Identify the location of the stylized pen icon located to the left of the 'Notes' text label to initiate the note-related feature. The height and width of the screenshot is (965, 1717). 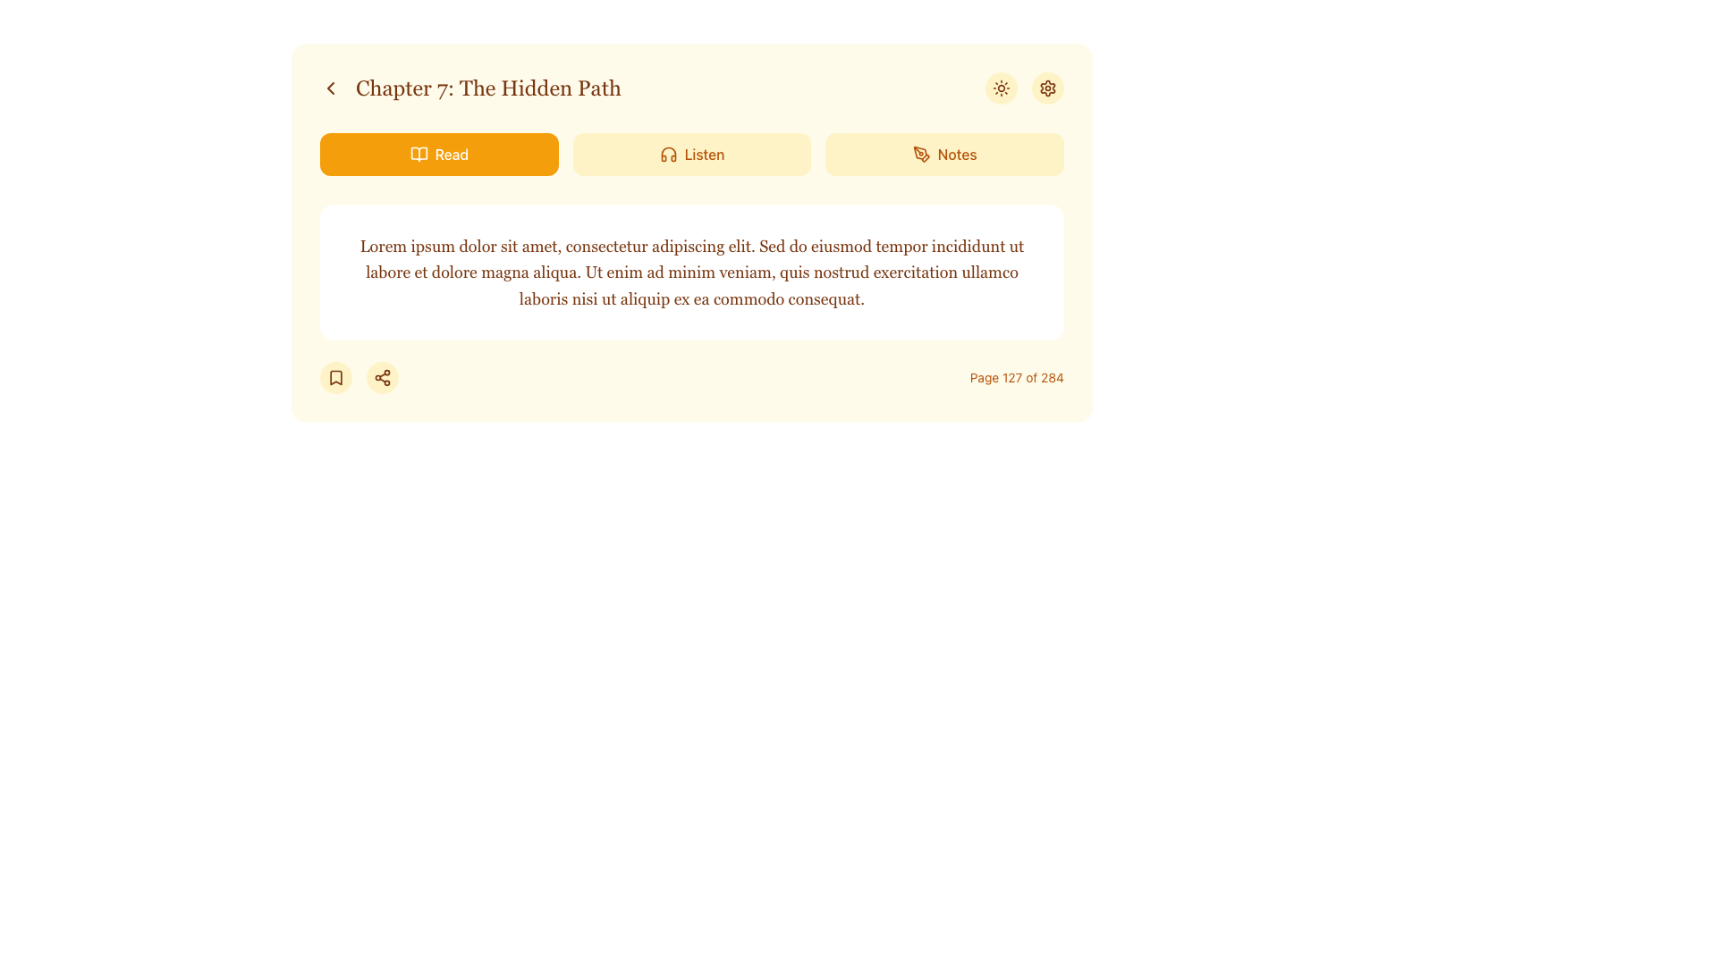
(921, 154).